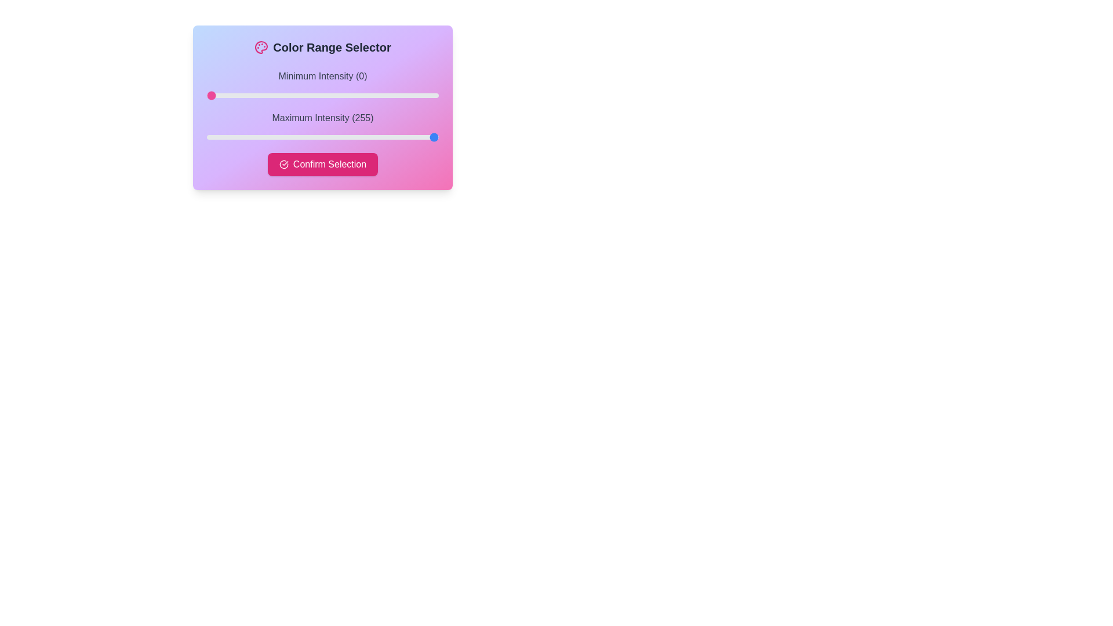 The height and width of the screenshot is (626, 1113). What do you see at coordinates (279, 95) in the screenshot?
I see `the slider to set the intensity to 80` at bounding box center [279, 95].